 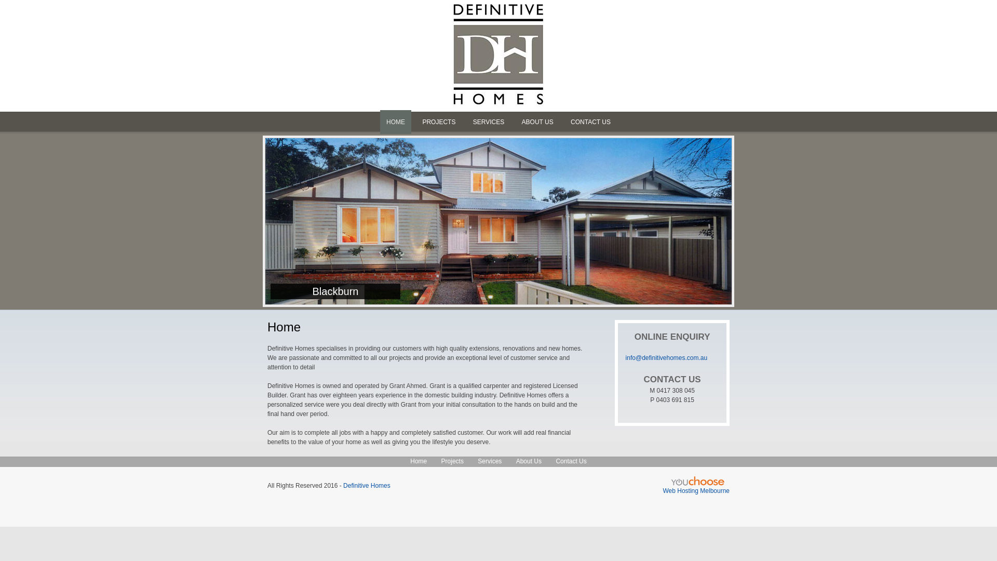 What do you see at coordinates (488, 122) in the screenshot?
I see `'SERVICES'` at bounding box center [488, 122].